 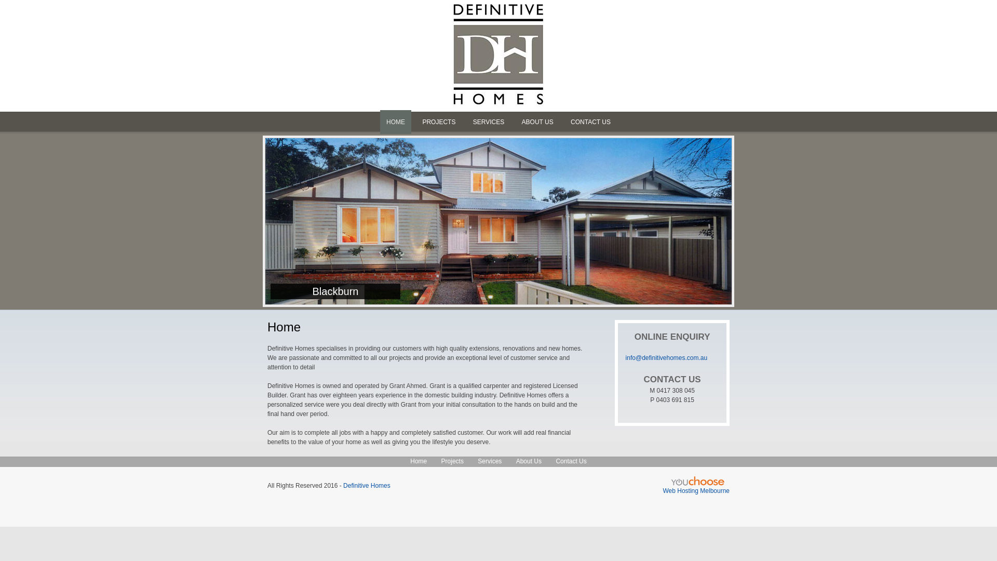 What do you see at coordinates (488, 122) in the screenshot?
I see `'SERVICES'` at bounding box center [488, 122].